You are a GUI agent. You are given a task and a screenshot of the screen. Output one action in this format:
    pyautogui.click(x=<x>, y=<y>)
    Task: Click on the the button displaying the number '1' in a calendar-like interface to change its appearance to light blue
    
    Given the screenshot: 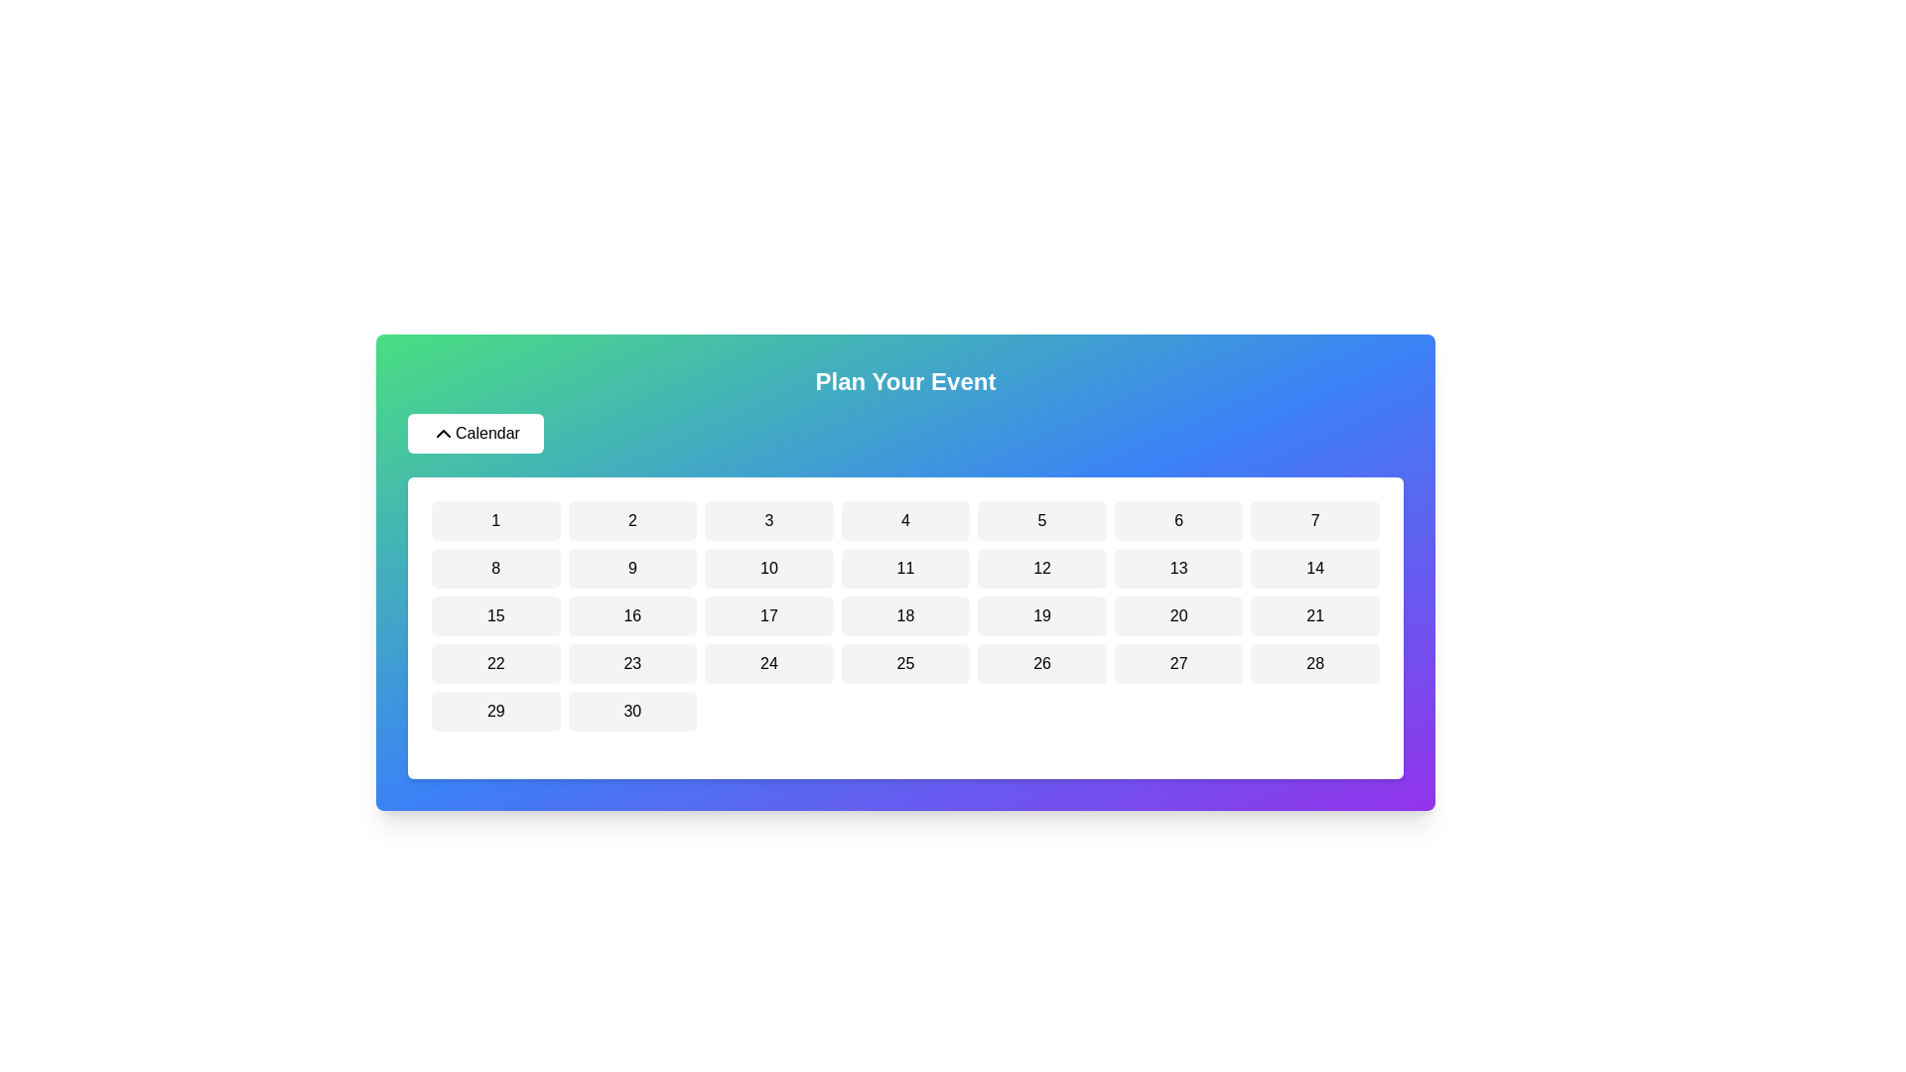 What is the action you would take?
    pyautogui.click(x=495, y=519)
    